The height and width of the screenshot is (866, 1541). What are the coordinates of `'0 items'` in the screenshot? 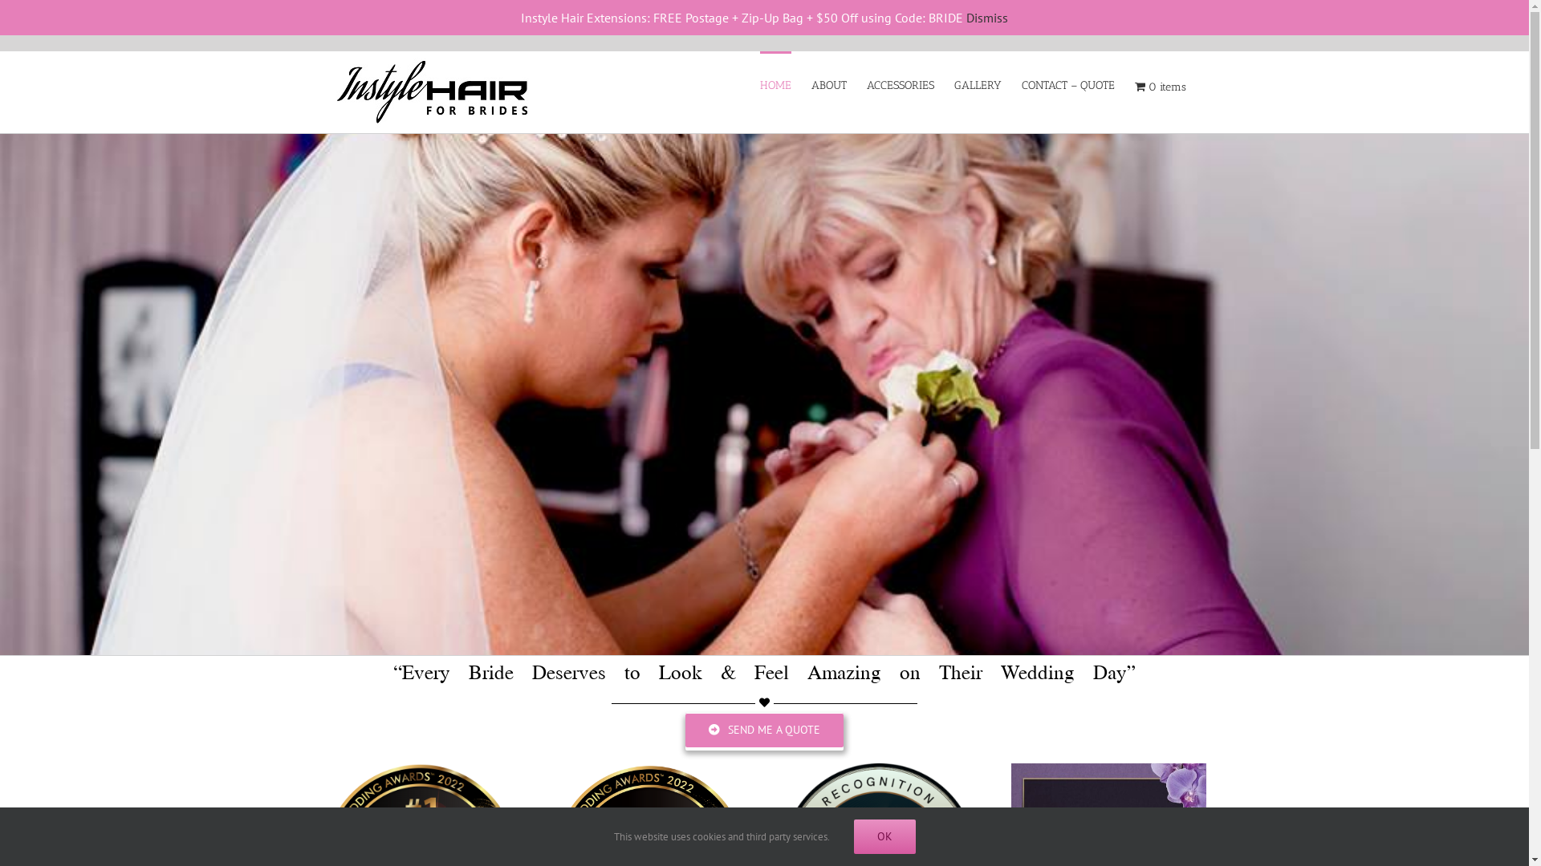 It's located at (1134, 86).